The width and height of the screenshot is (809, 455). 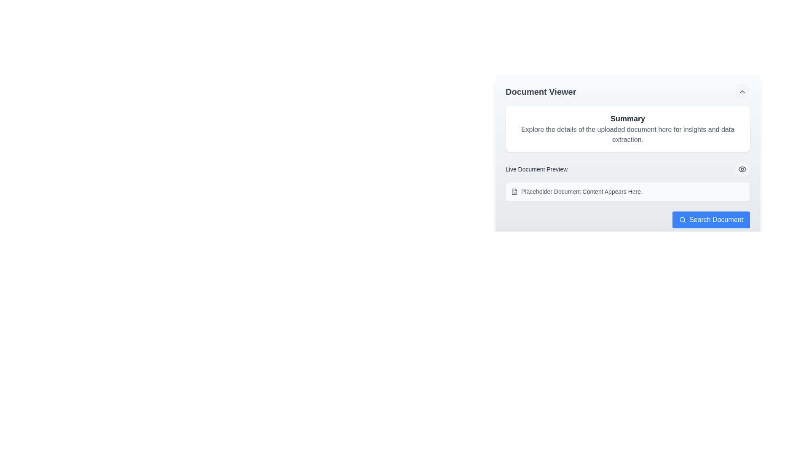 I want to click on the Text Display with Icon that shows 'Placeholder Document Content Appears Here.' in gray font within the 'Live Document Preview' section of the 'Document Viewer' area, so click(x=627, y=192).